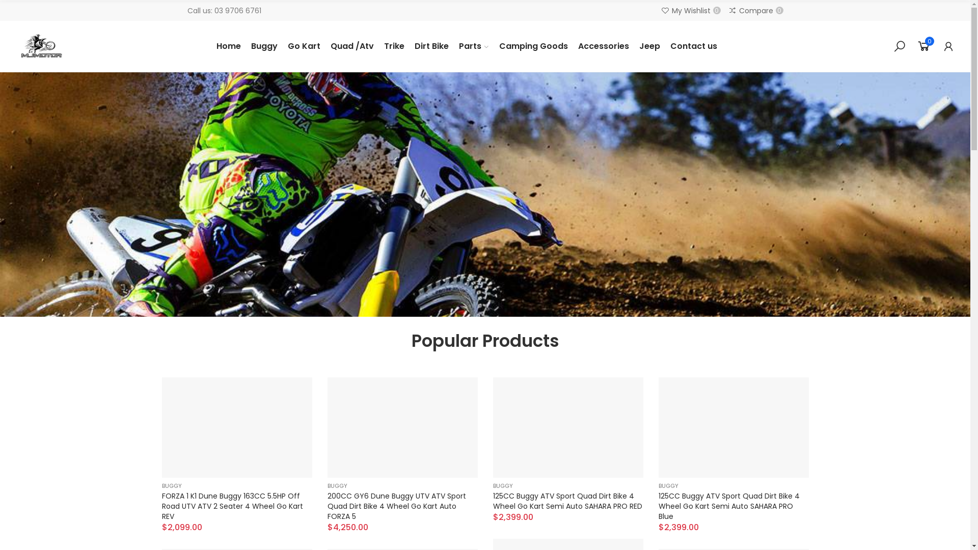 This screenshot has width=978, height=550. What do you see at coordinates (473, 46) in the screenshot?
I see `'Parts'` at bounding box center [473, 46].